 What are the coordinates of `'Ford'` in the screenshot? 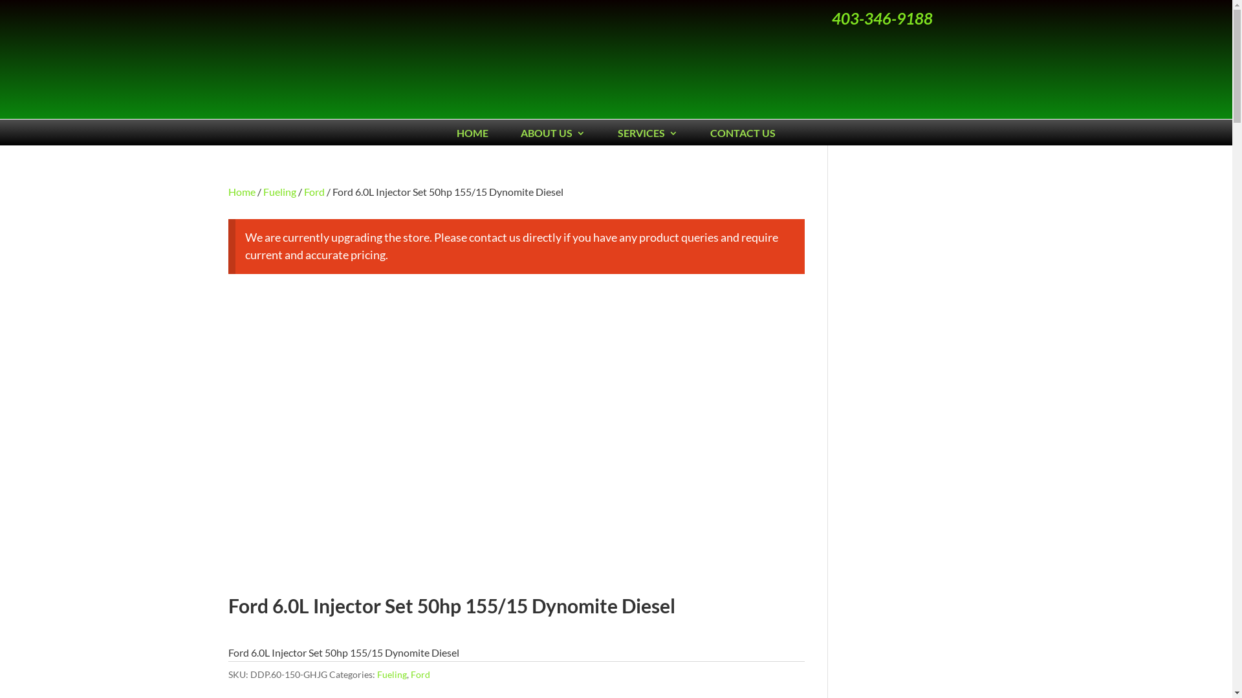 It's located at (314, 191).